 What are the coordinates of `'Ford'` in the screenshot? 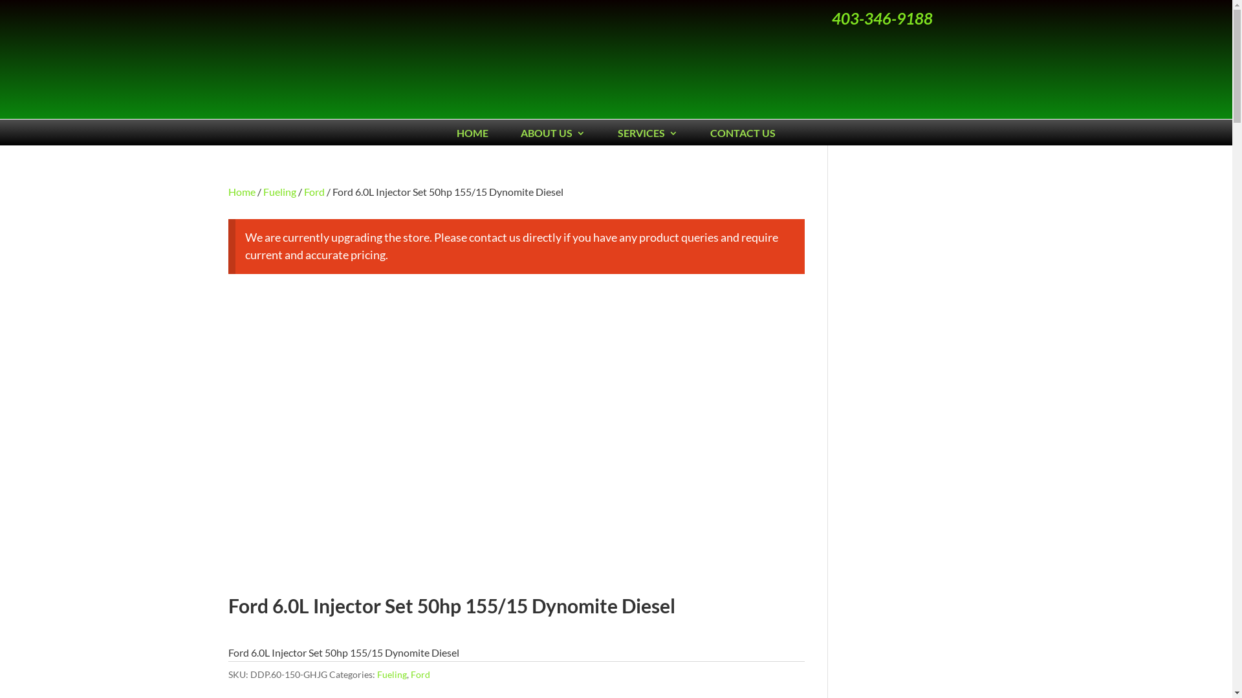 It's located at (314, 191).